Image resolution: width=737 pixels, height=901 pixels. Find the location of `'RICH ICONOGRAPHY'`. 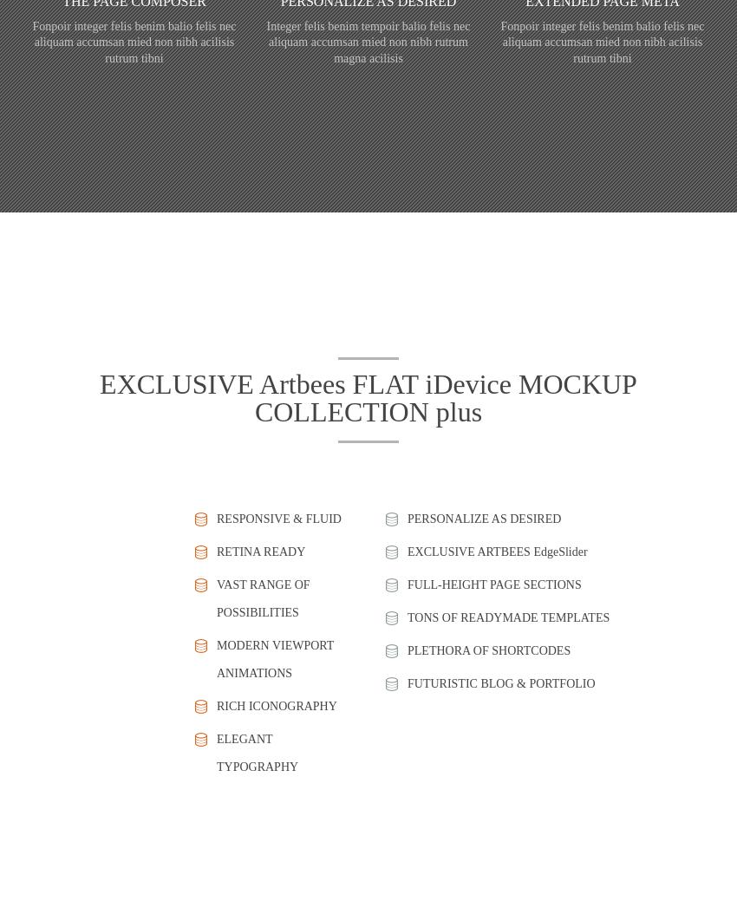

'RICH ICONOGRAPHY' is located at coordinates (277, 704).